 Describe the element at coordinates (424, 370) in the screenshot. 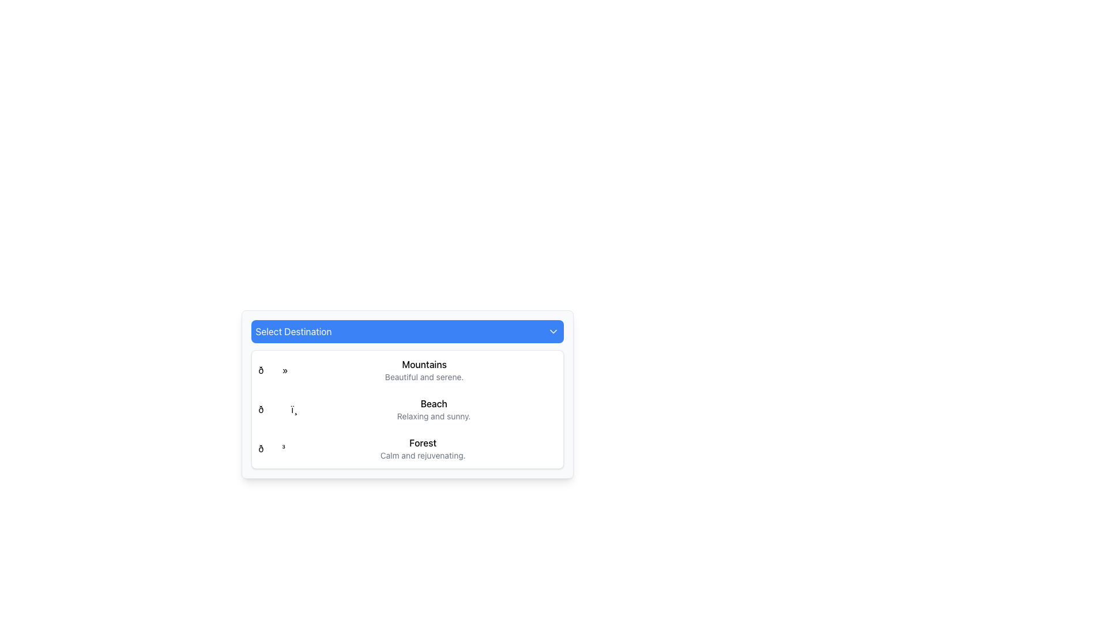

I see `the text block labeled 'Mountains' which is the second item in a dropdown menu, visually centered and accompanied by a smaller description 'Beautiful and serene'` at that location.